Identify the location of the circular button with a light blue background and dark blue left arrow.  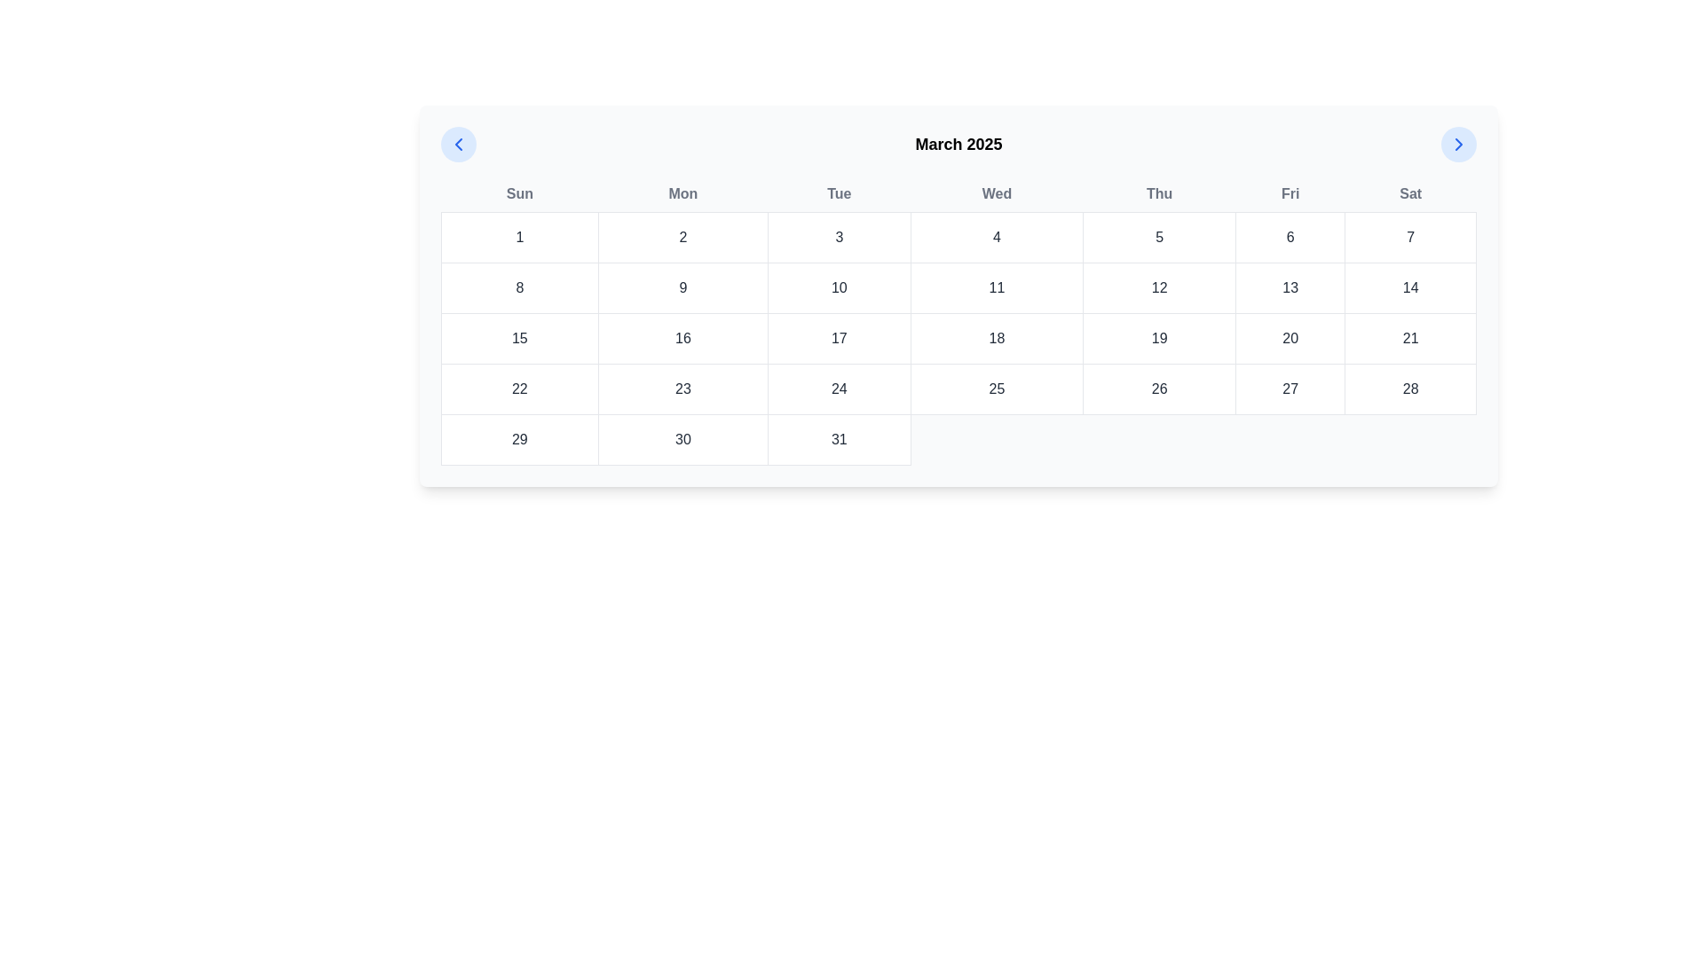
(459, 143).